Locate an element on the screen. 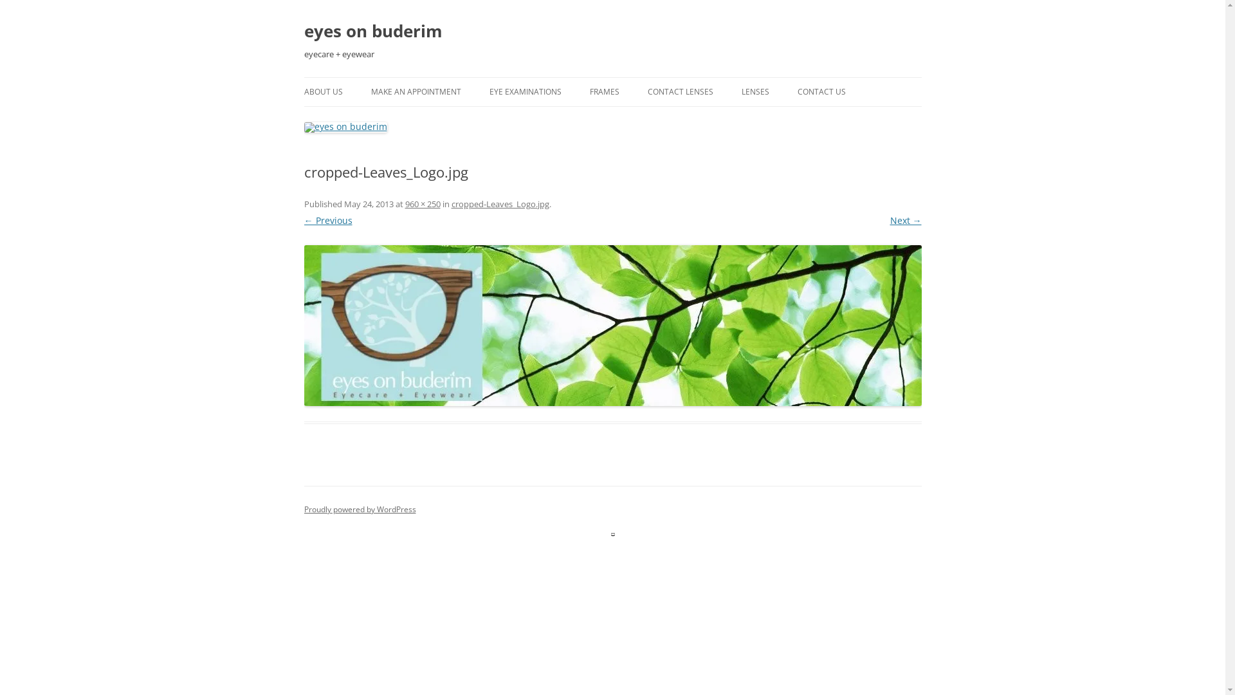  'FRAMES' is located at coordinates (603, 91).